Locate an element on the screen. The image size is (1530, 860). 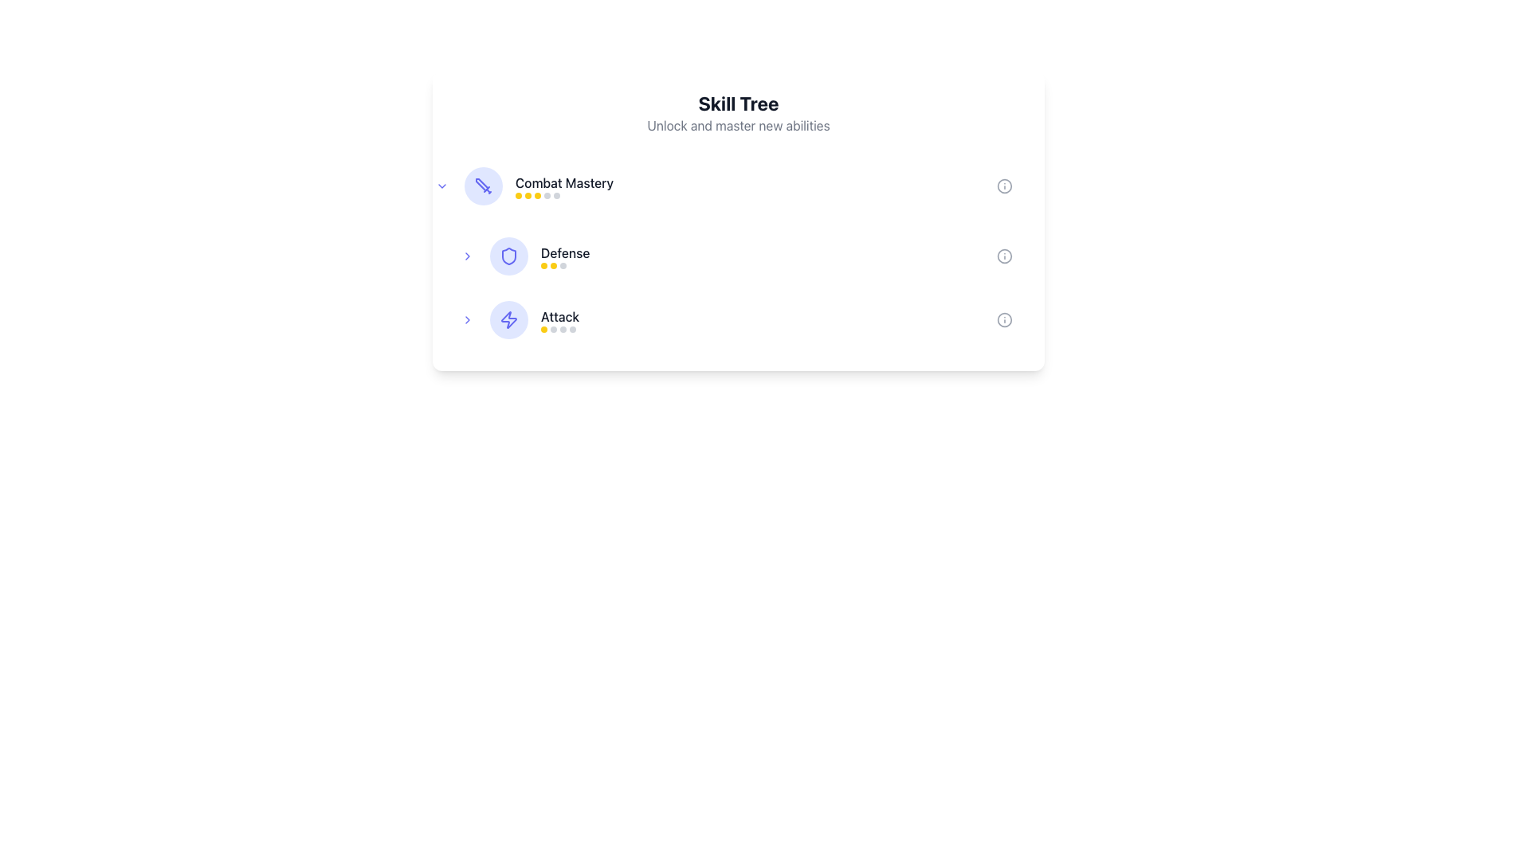
the circular informational icon with a gray outline and a small dot inside, positioned at the far right edge of the 'Attack' row in the skill categories is located at coordinates (1004, 319).